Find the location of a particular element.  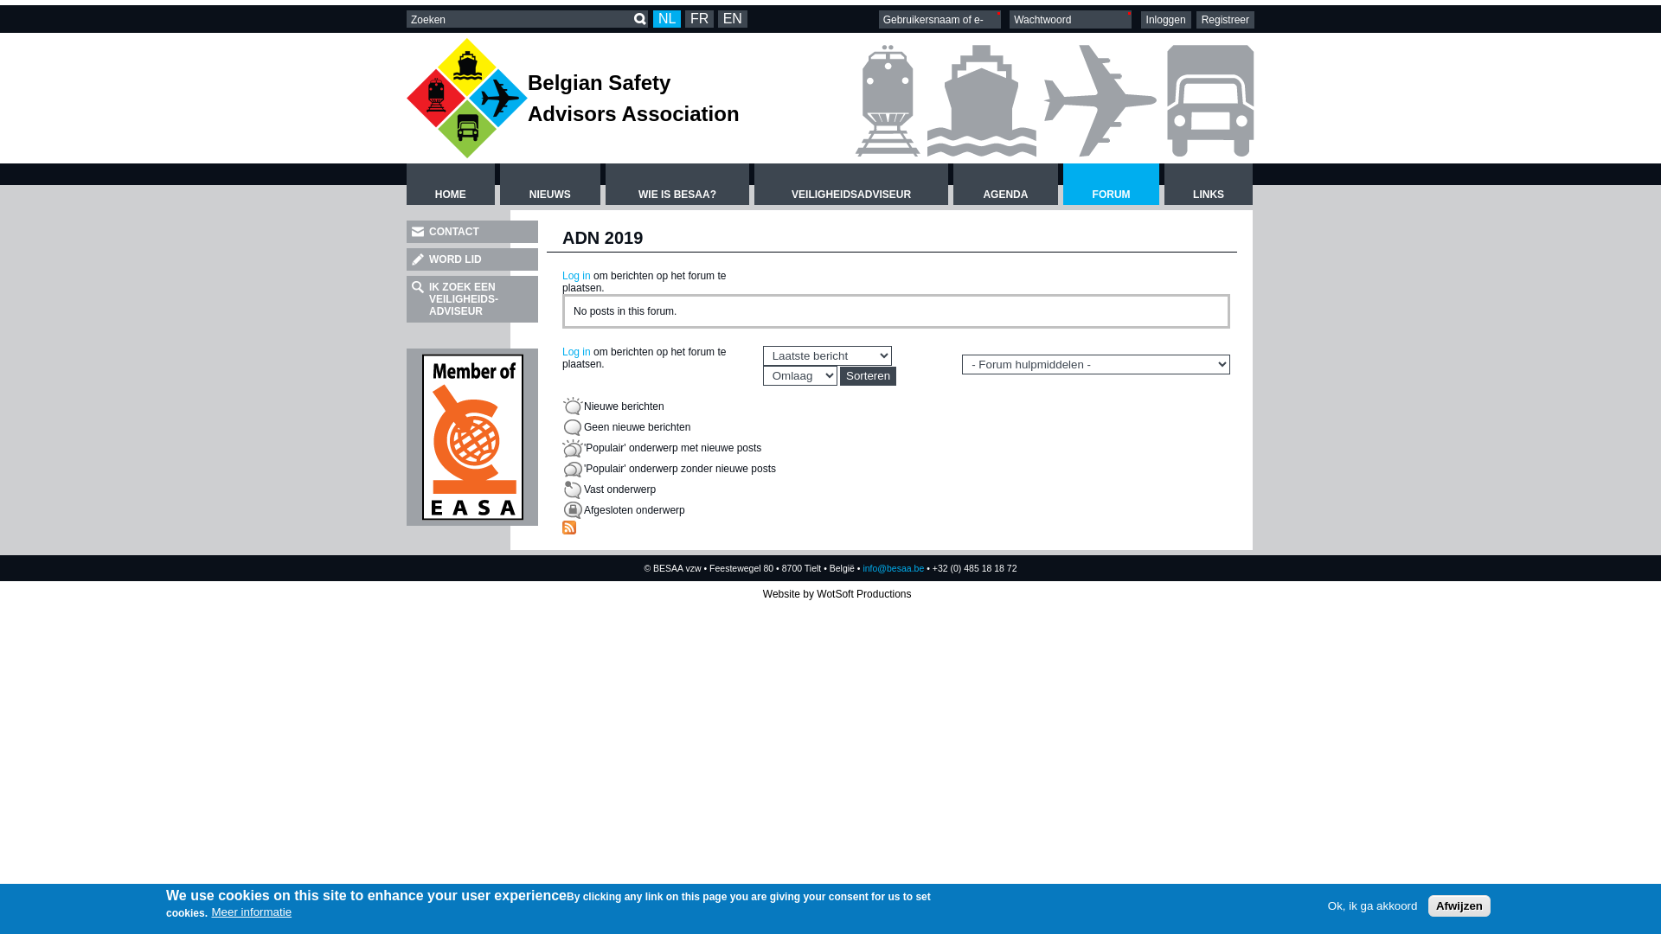

'WIE IS BESAA?' is located at coordinates (676, 183).